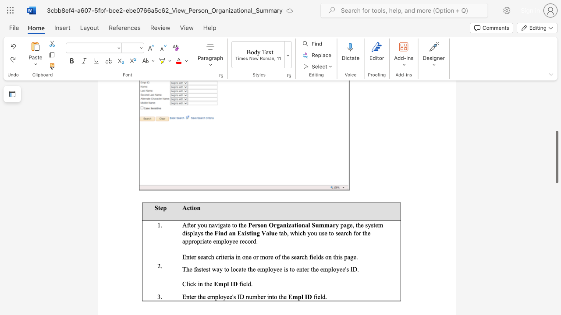  I want to click on the subset text "is" within the text "Find an Existing Value", so click(245, 232).